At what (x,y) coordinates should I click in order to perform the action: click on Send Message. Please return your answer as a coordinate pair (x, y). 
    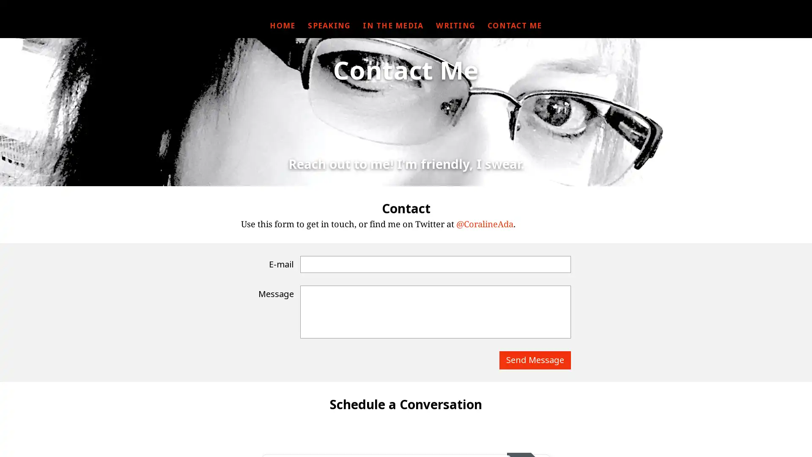
    Looking at the image, I should click on (535, 360).